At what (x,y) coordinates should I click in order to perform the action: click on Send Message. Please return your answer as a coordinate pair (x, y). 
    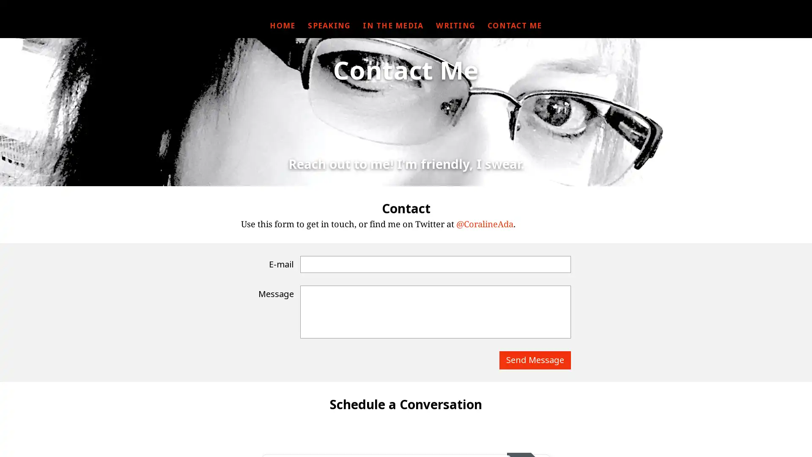
    Looking at the image, I should click on (535, 360).